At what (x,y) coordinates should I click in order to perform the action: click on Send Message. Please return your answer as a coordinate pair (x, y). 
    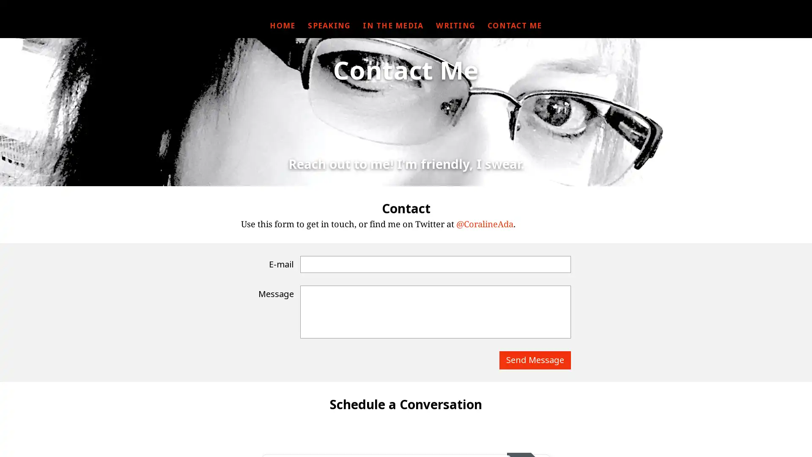
    Looking at the image, I should click on (535, 360).